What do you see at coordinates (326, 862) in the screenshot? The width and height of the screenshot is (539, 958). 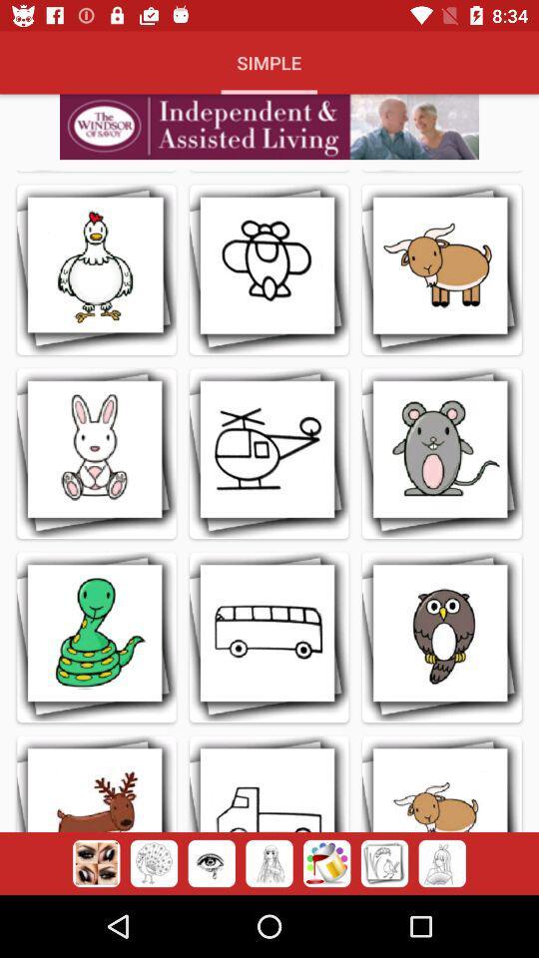 I see `the avatar icon` at bounding box center [326, 862].